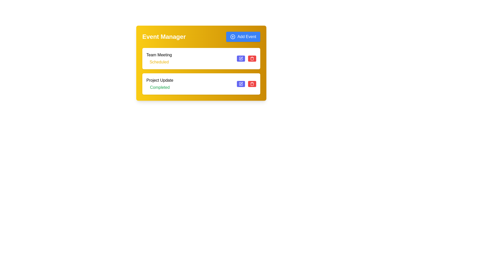 The image size is (488, 274). Describe the element at coordinates (252, 58) in the screenshot. I see `the delete button located in the rightmost position of the second row within the 'Project Update' list` at that location.